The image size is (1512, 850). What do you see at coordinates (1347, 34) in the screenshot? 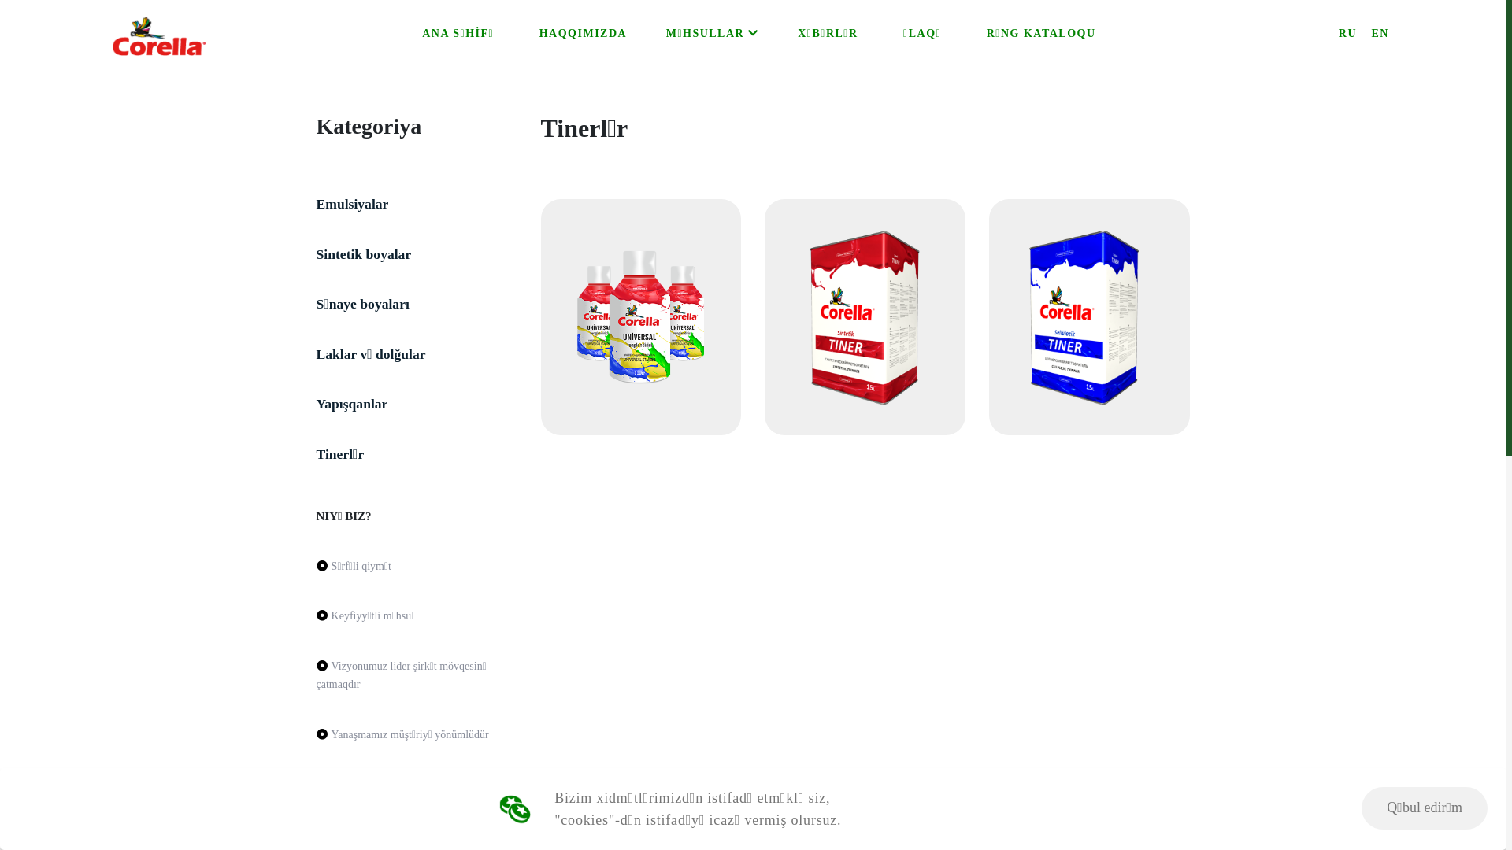
I see `'RU'` at bounding box center [1347, 34].